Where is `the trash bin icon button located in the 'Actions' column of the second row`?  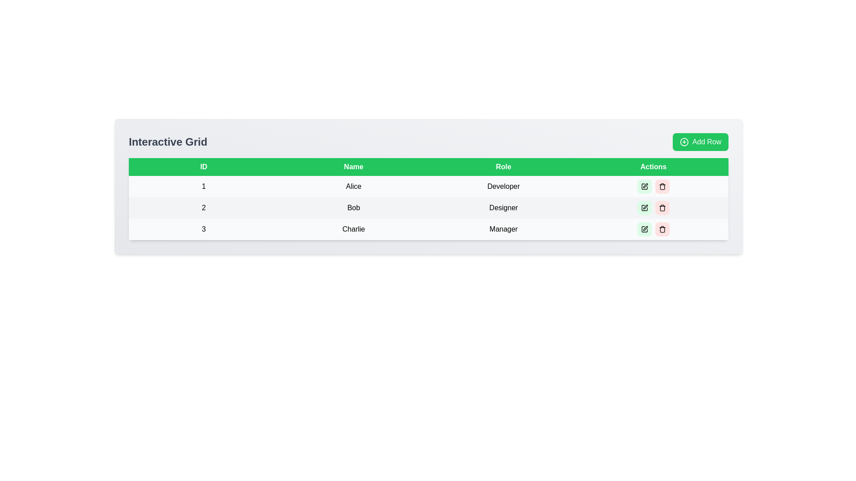 the trash bin icon button located in the 'Actions' column of the second row is located at coordinates (662, 208).